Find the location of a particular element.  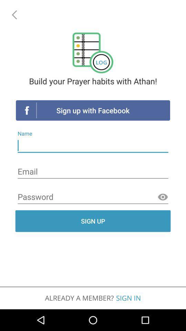

the logo is located at coordinates (93, 52).